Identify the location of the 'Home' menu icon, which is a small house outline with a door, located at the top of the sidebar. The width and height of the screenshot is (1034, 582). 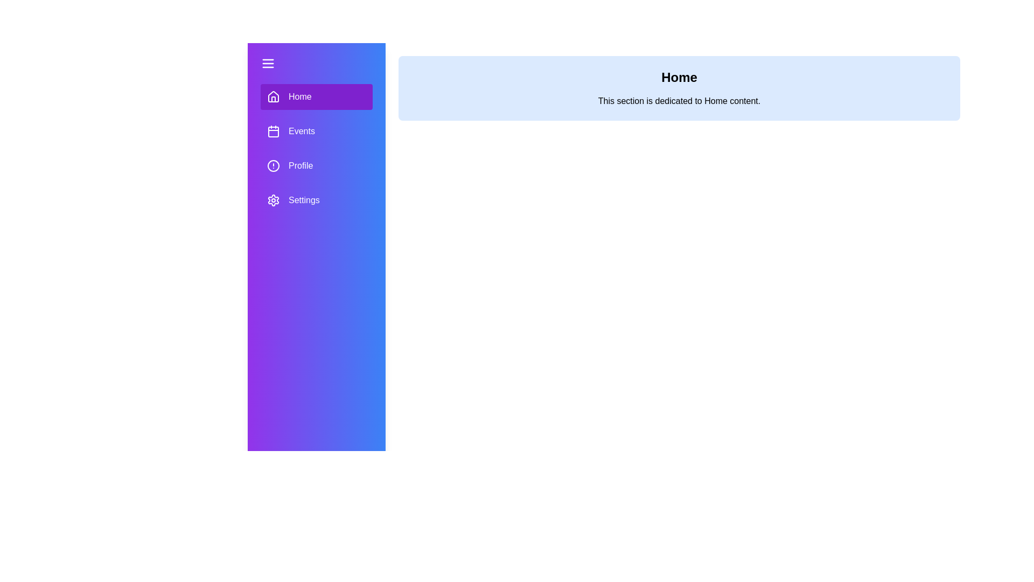
(274, 99).